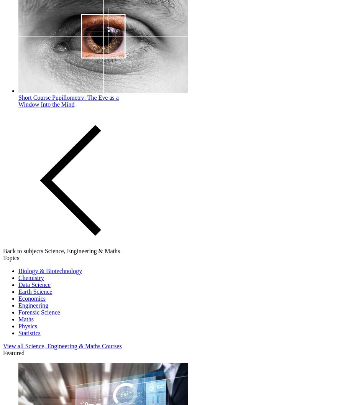  Describe the element at coordinates (18, 100) in the screenshot. I see `'Pupillometry: The Eye as a Window Into the Mind'` at that location.